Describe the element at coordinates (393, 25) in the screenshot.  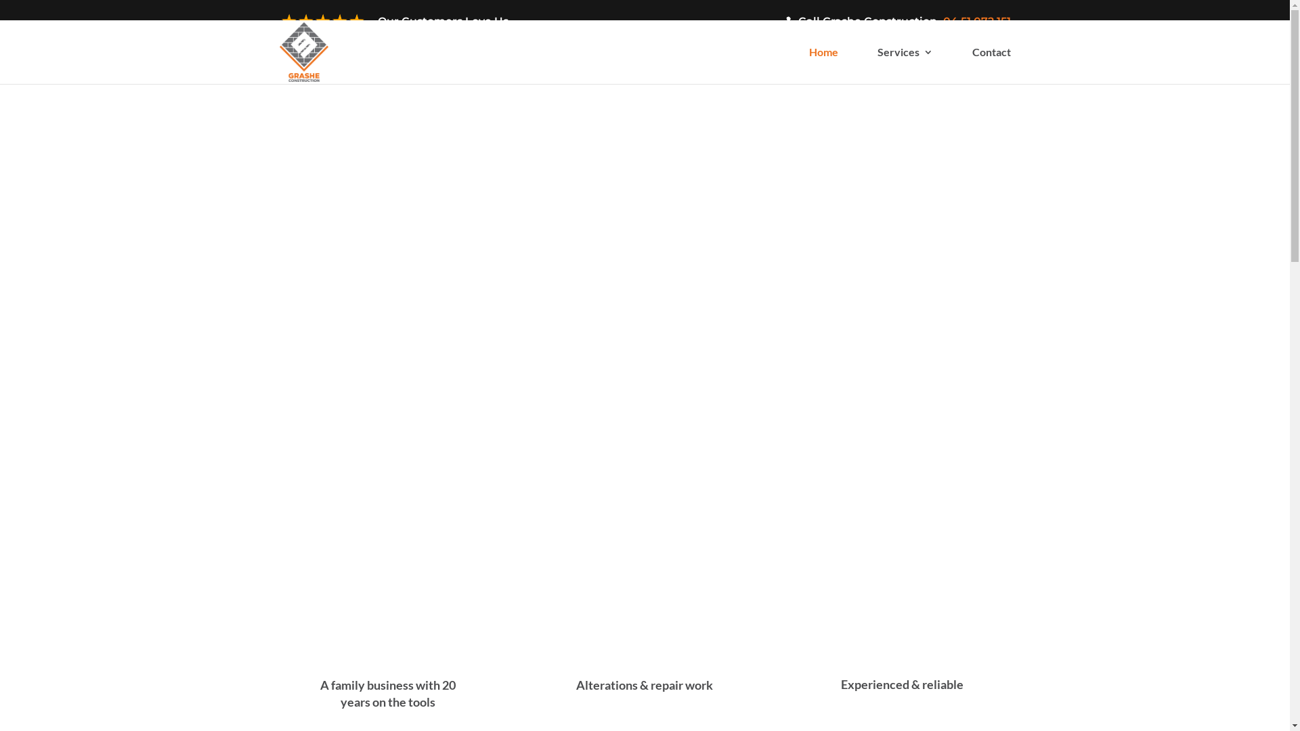
I see `'Our Customers Love Us.'` at that location.